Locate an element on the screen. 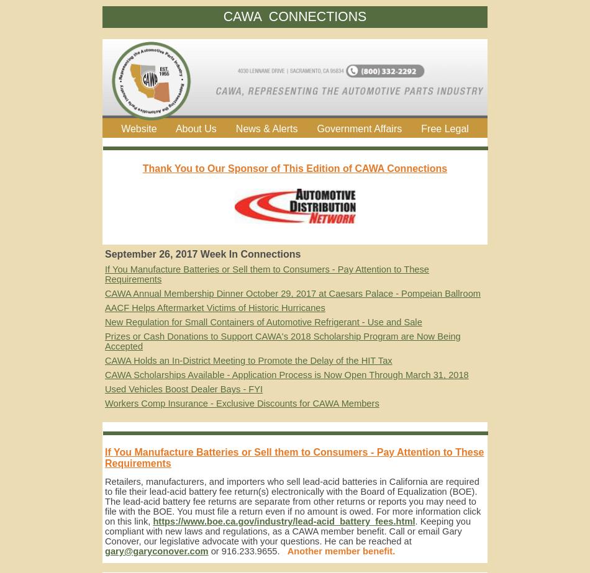 Image resolution: width=590 pixels, height=573 pixels. 'Another member benefit.' is located at coordinates (341, 551).